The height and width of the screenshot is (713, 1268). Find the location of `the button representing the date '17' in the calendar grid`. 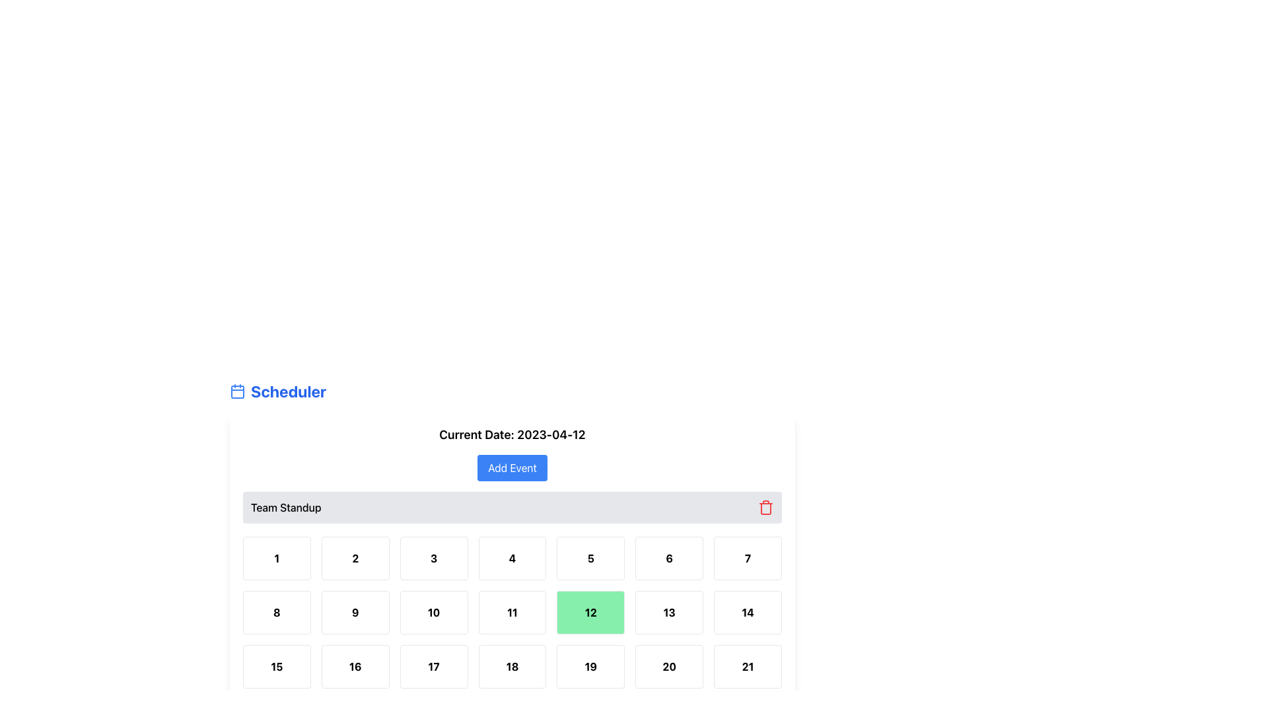

the button representing the date '17' in the calendar grid is located at coordinates (434, 667).